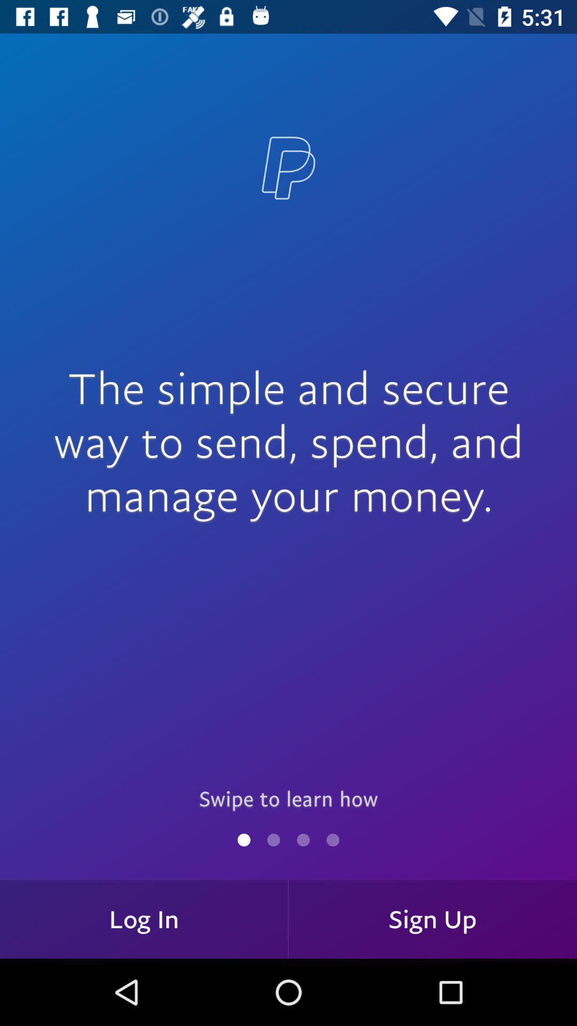 This screenshot has width=577, height=1026. I want to click on the icon next to log in, so click(433, 919).